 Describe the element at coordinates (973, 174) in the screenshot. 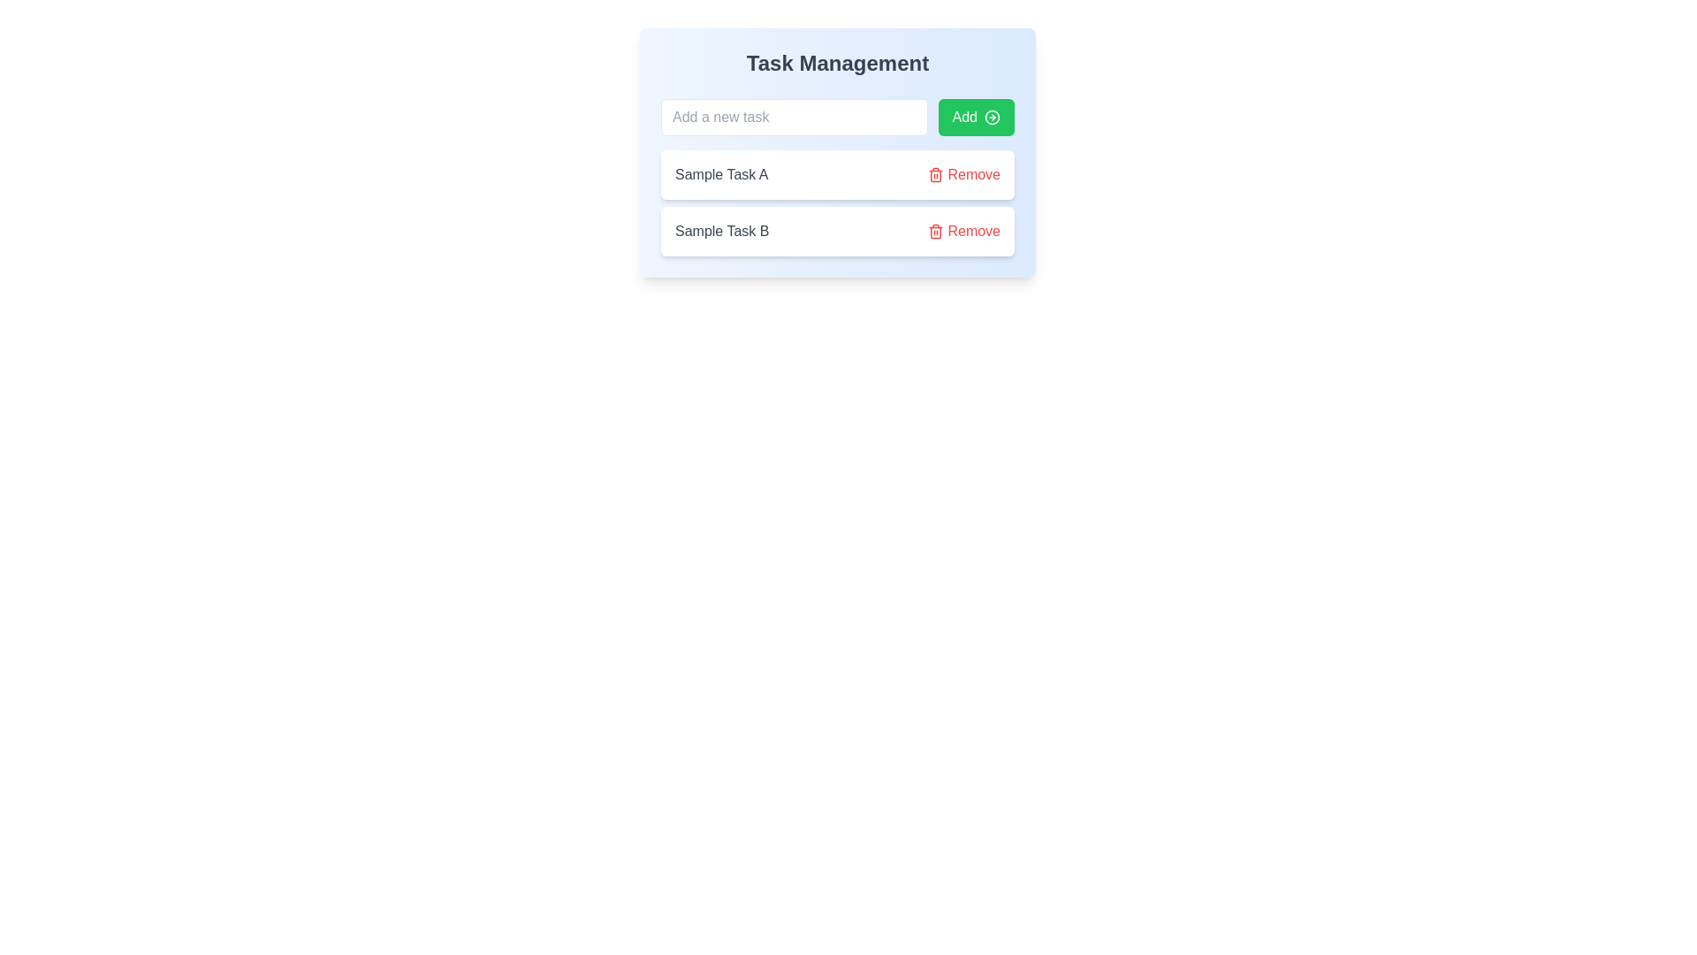

I see `the 'Remove' text label, which is styled in red and positioned to the right of 'Sample Task A' in the task list` at that location.